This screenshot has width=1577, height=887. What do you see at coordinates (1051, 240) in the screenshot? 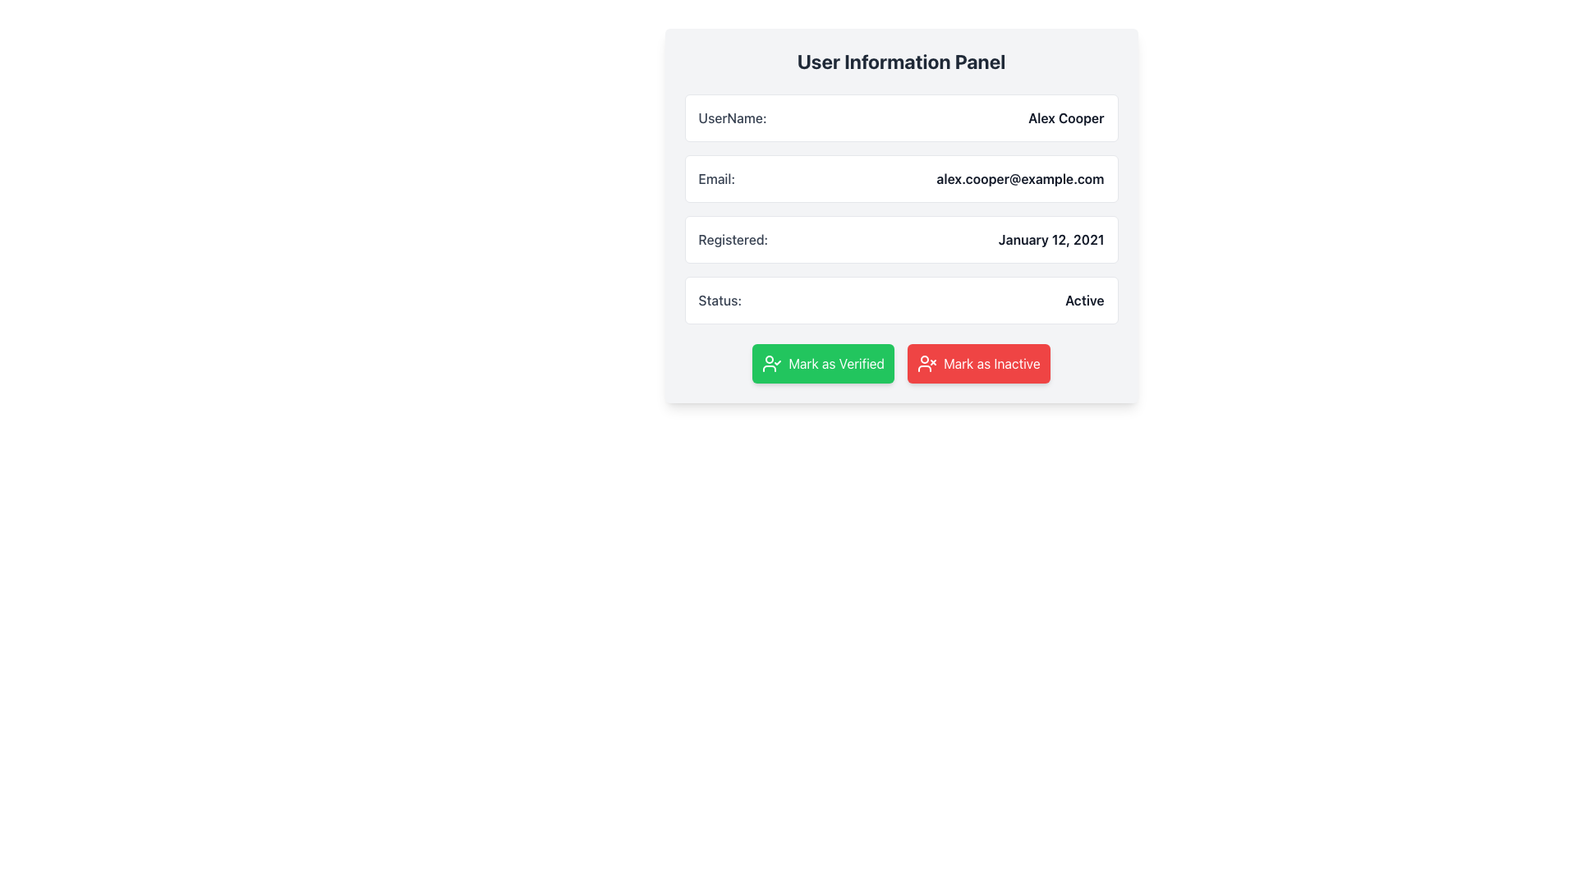
I see `the Text Label displaying the registration date in the user profile panel, located to the right of the 'Registered:' label` at bounding box center [1051, 240].